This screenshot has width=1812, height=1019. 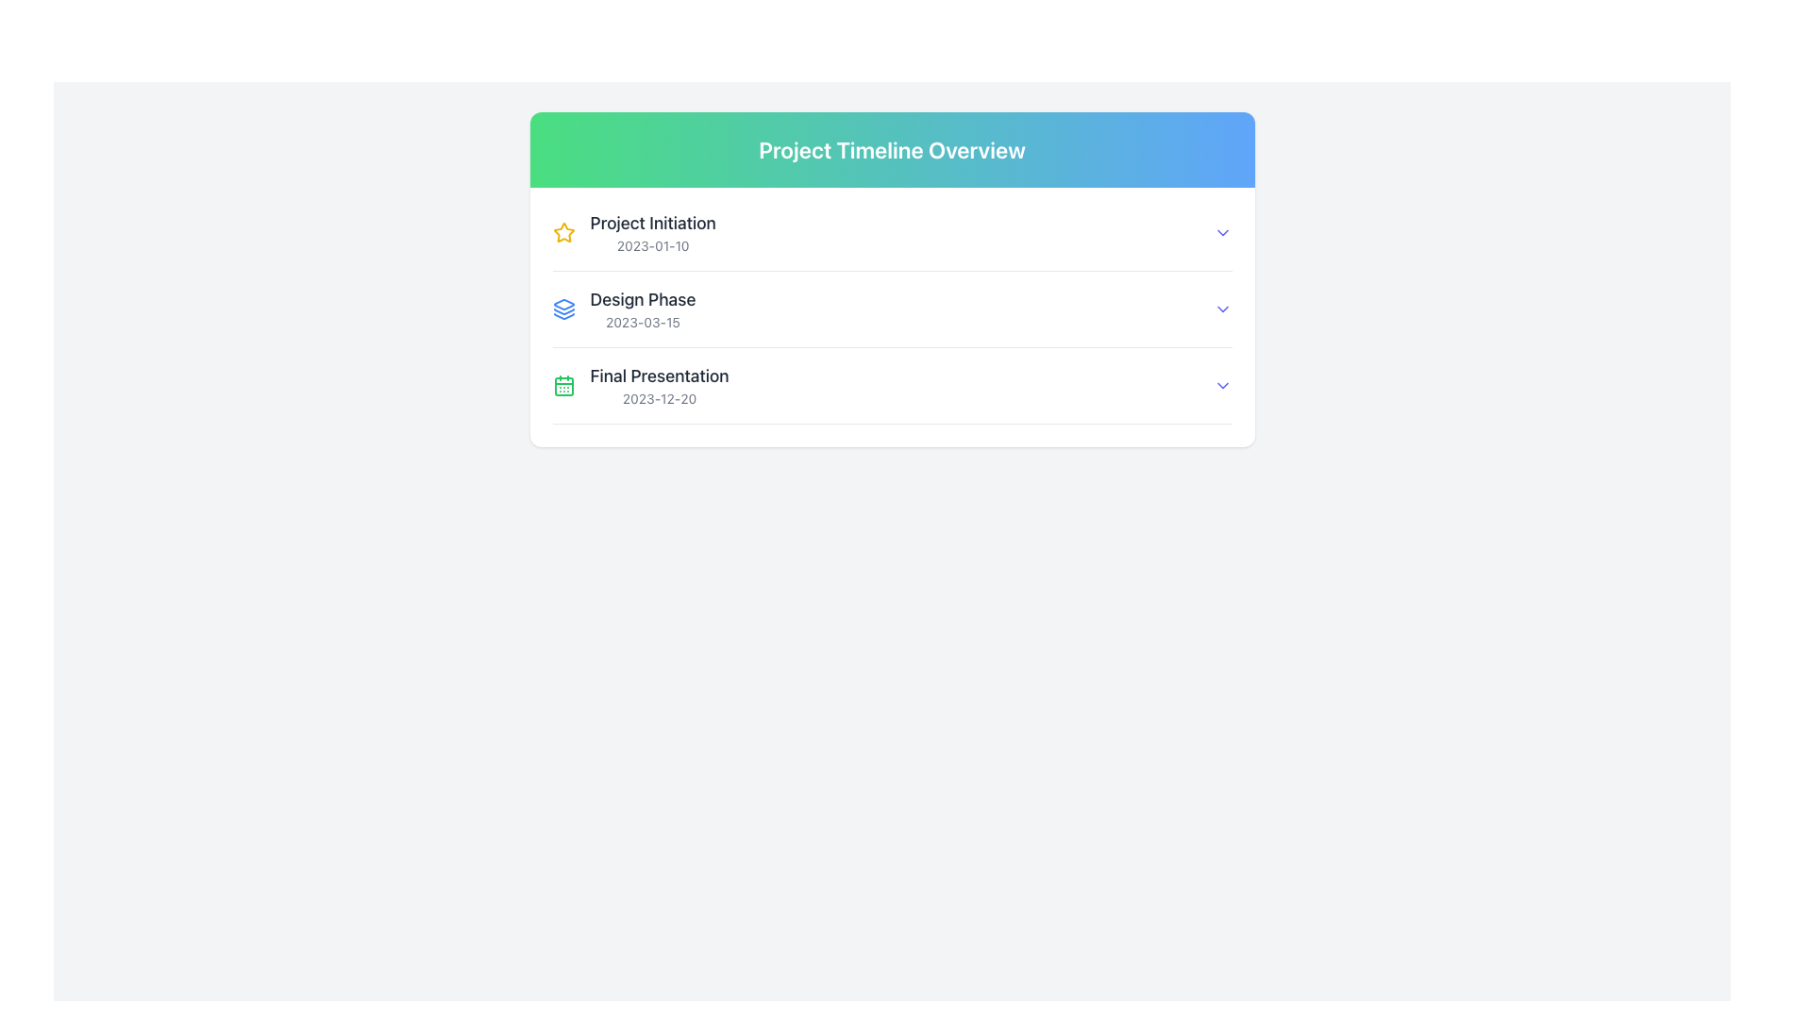 What do you see at coordinates (562, 384) in the screenshot?
I see `the green calendar icon with rounded corners located before the 'Final Presentation' text in the timeline` at bounding box center [562, 384].